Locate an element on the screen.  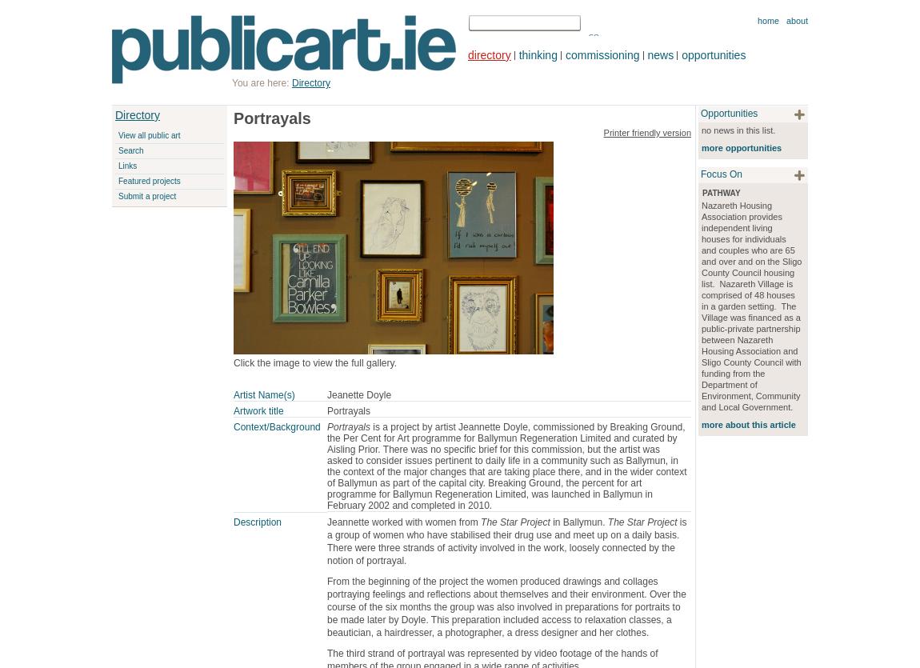
'in Ballymun.' is located at coordinates (549, 521).